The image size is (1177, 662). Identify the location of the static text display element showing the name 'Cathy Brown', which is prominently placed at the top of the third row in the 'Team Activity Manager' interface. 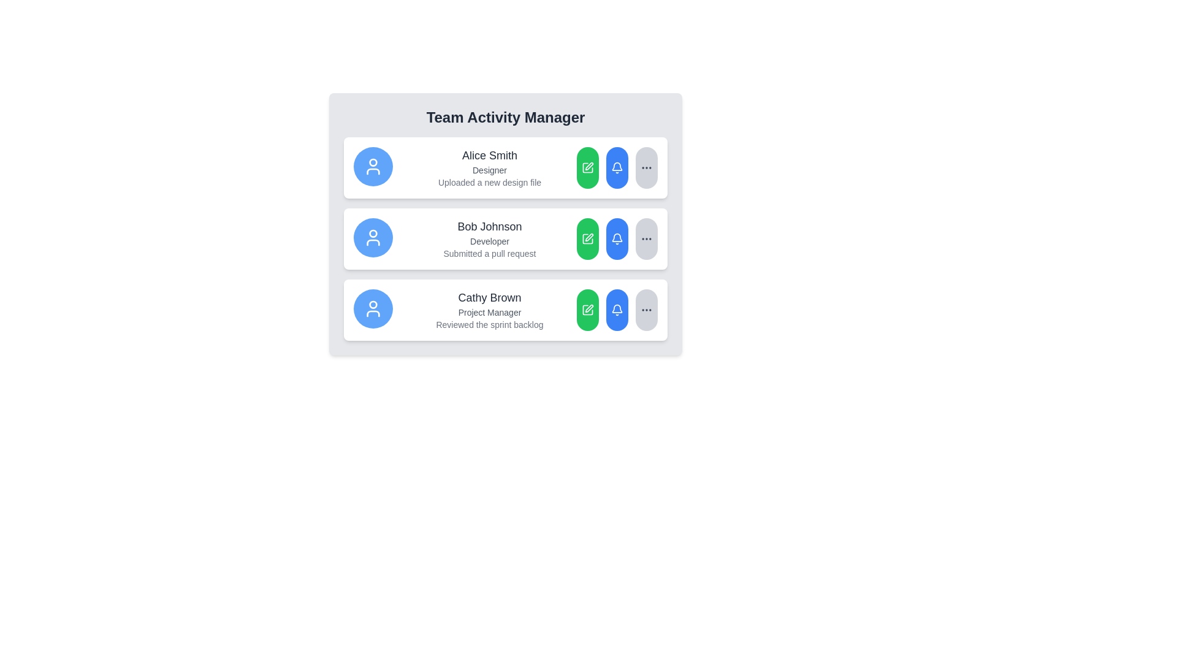
(489, 298).